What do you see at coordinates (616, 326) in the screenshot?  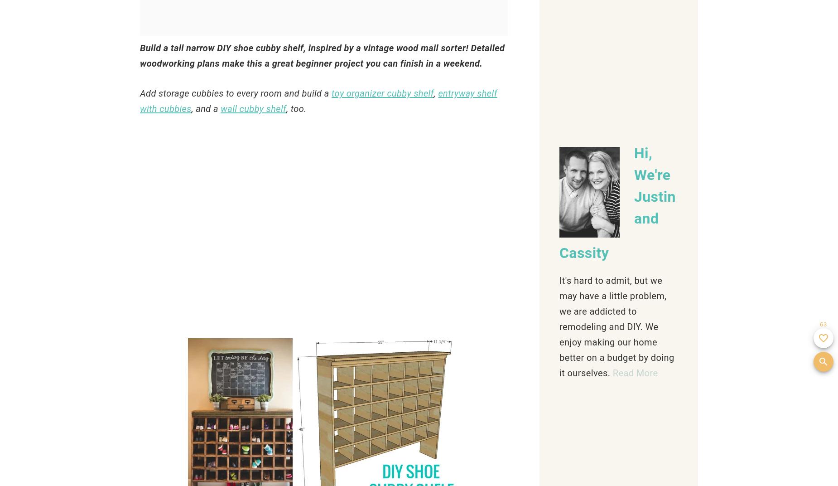 I see `'It's hard to admit, but we may have a little problem, we are addicted to remodeling and DIY. We enjoy making our home better on a budget by doing it ourselves.'` at bounding box center [616, 326].